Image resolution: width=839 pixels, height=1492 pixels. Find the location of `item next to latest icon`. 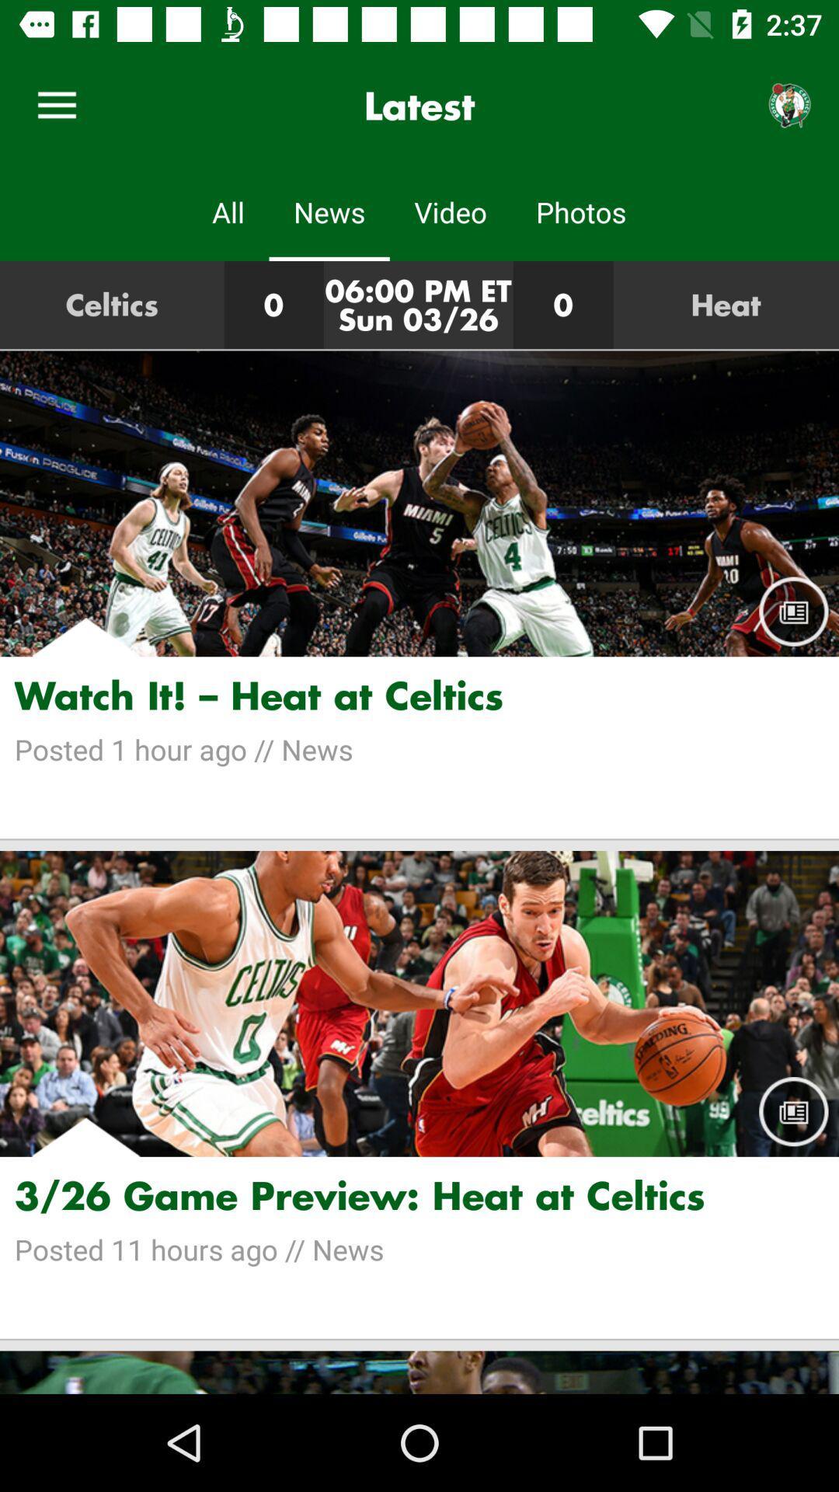

item next to latest icon is located at coordinates (790, 105).